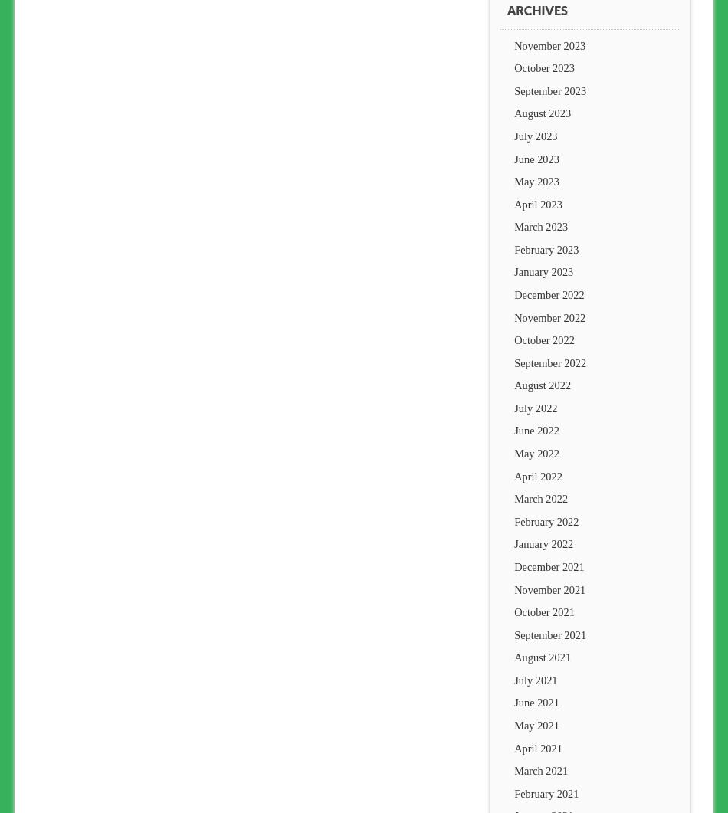  What do you see at coordinates (536, 702) in the screenshot?
I see `'June 2021'` at bounding box center [536, 702].